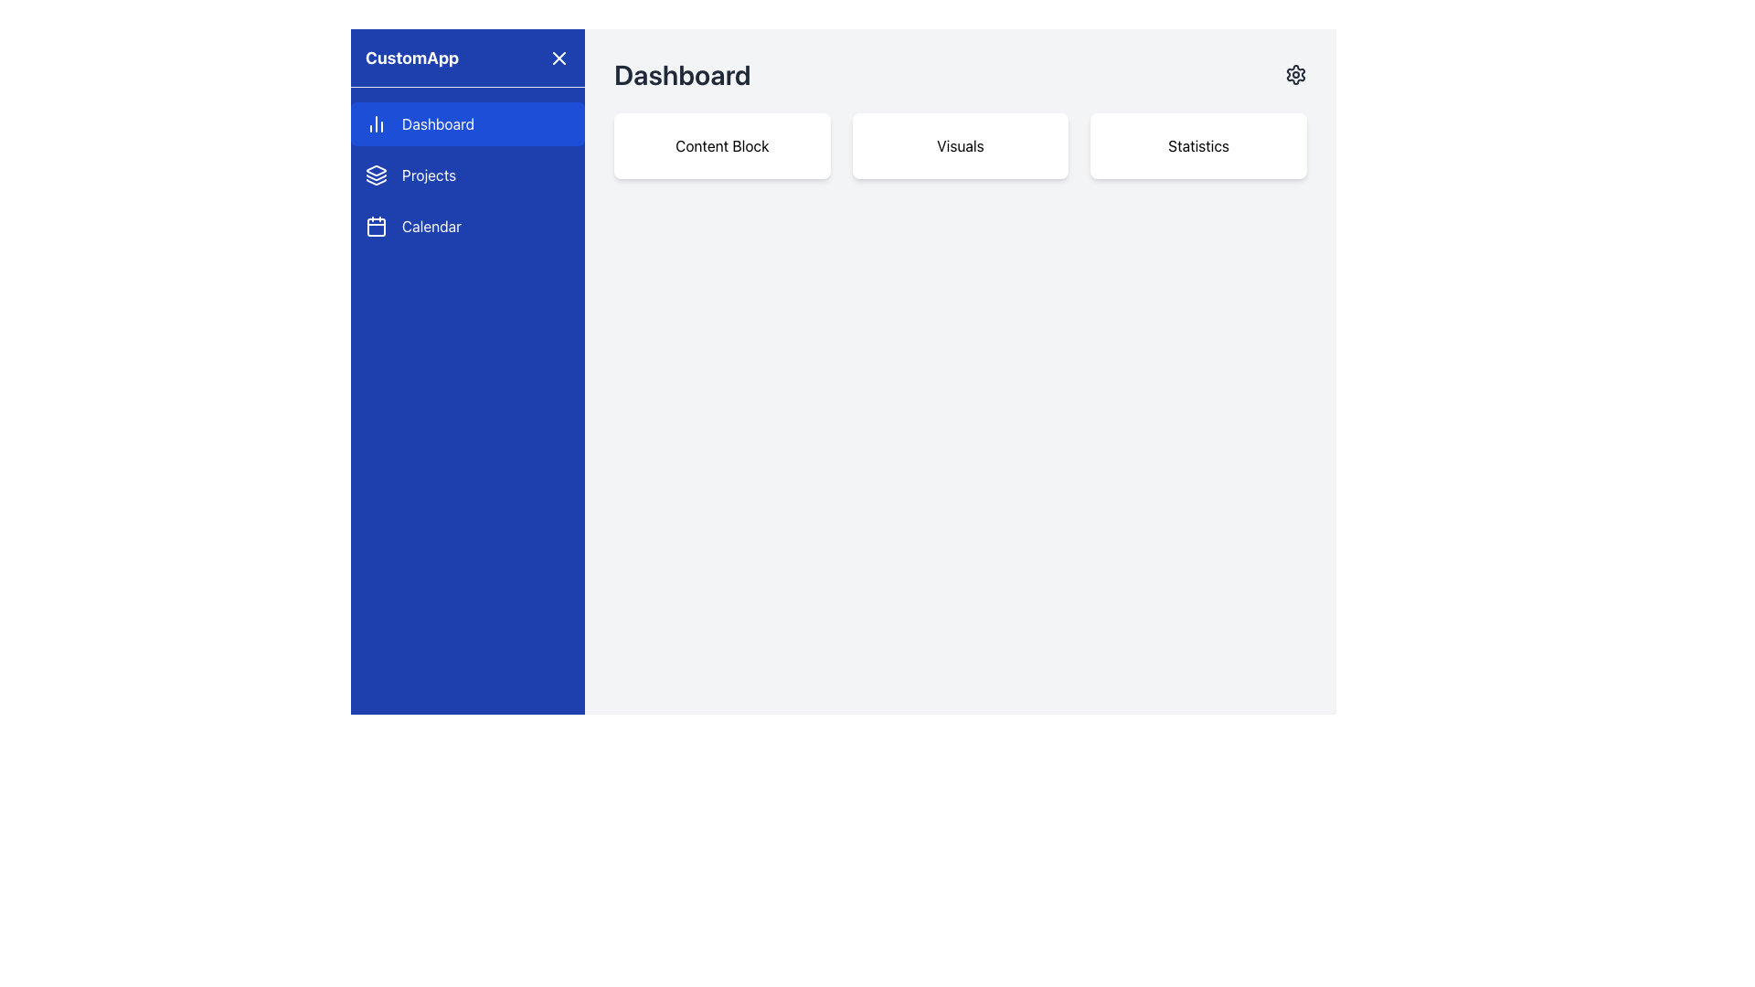  I want to click on the 'Projects' text label in the sidebar menu to observe potential visual changes, so click(428, 175).